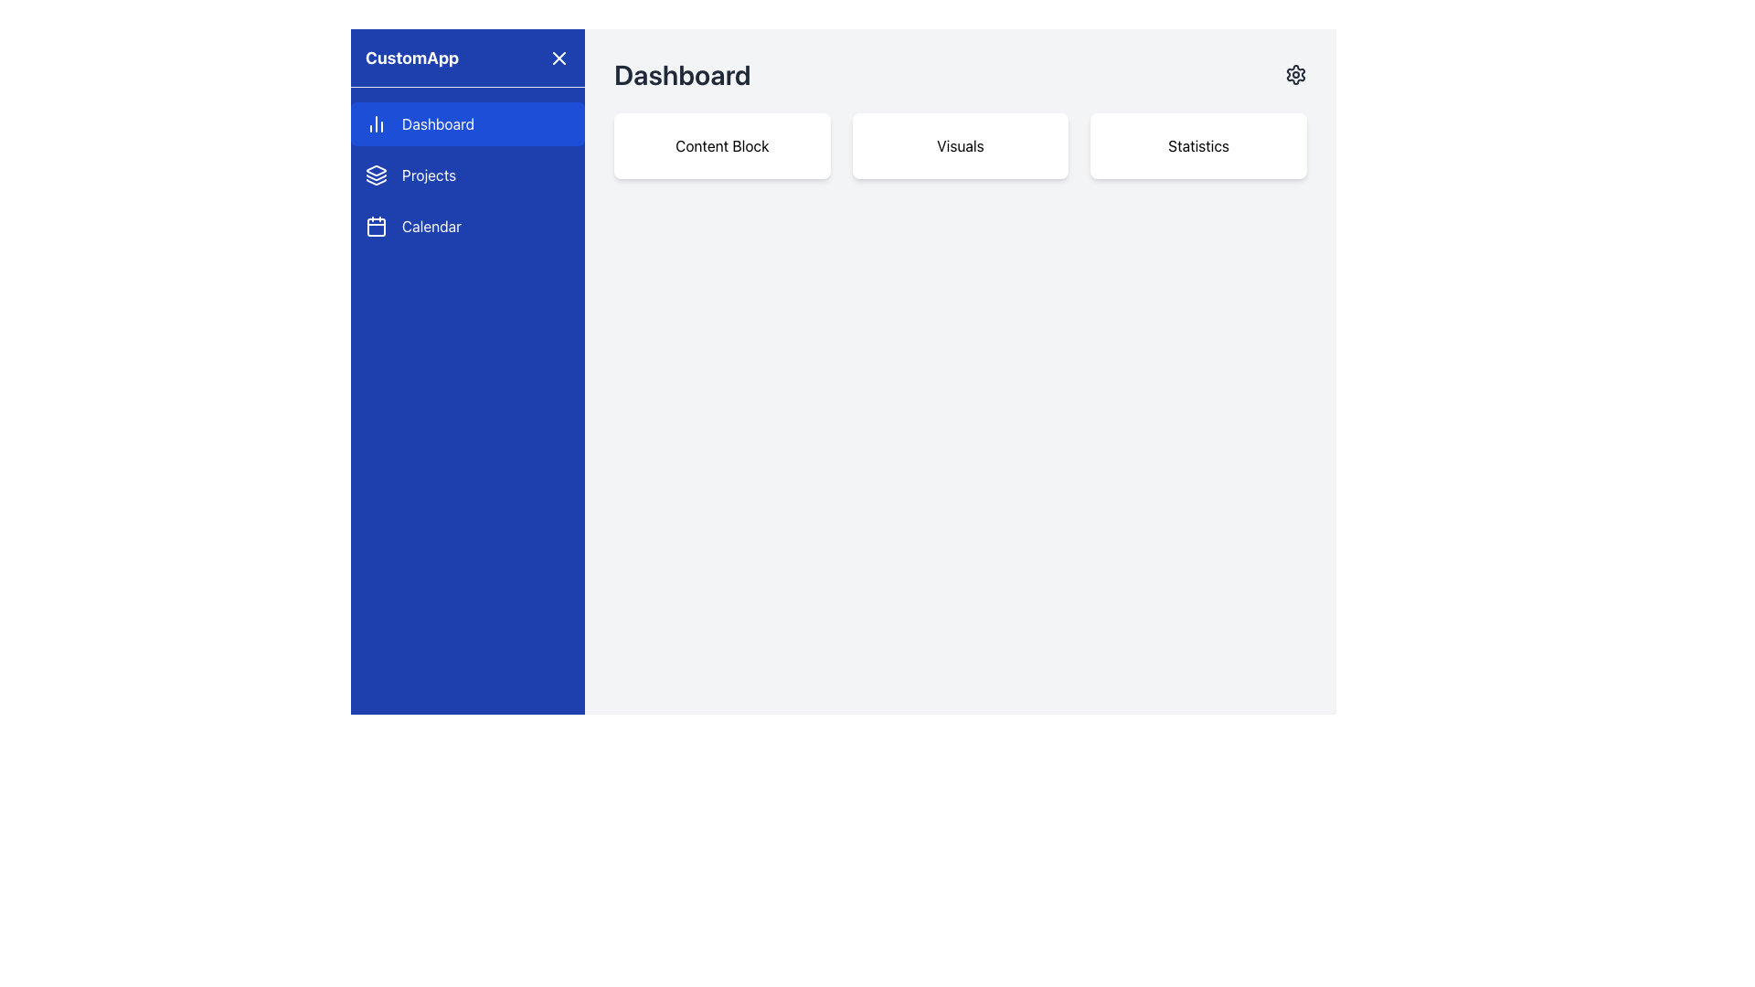  I want to click on the 'Projects' text label in the sidebar menu to observe potential visual changes, so click(428, 175).